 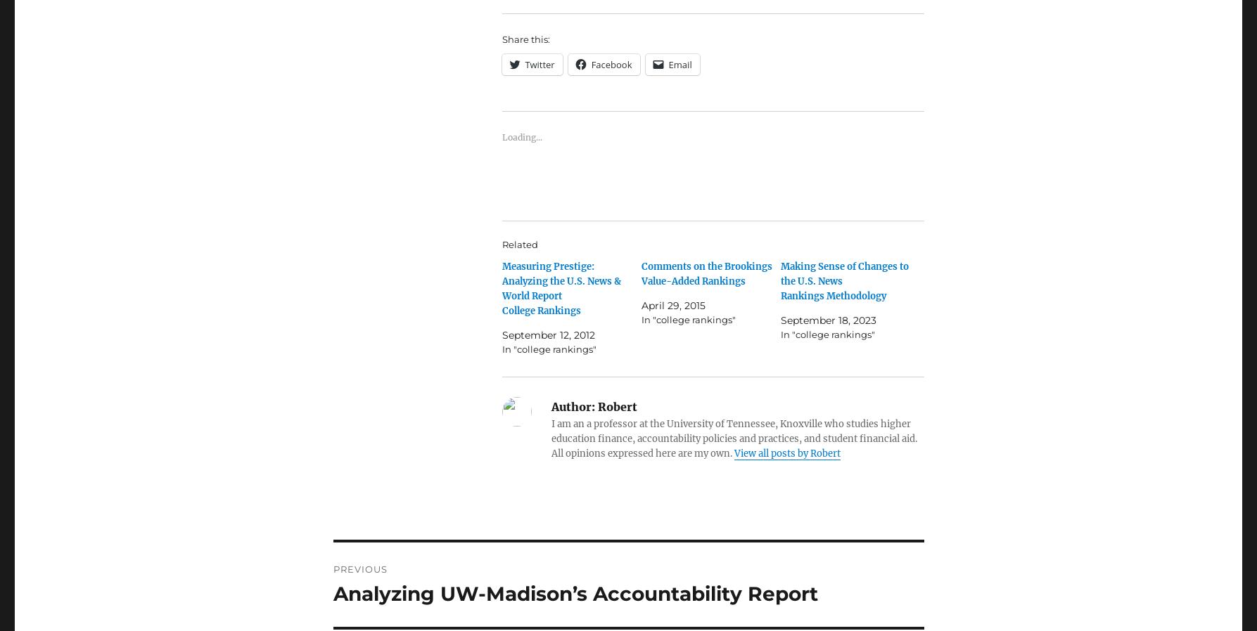 I want to click on 'Robert', so click(x=615, y=406).